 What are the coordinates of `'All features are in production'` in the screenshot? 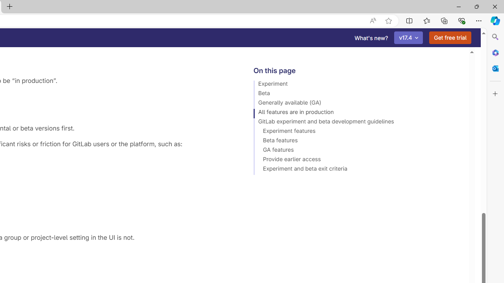 It's located at (357, 113).